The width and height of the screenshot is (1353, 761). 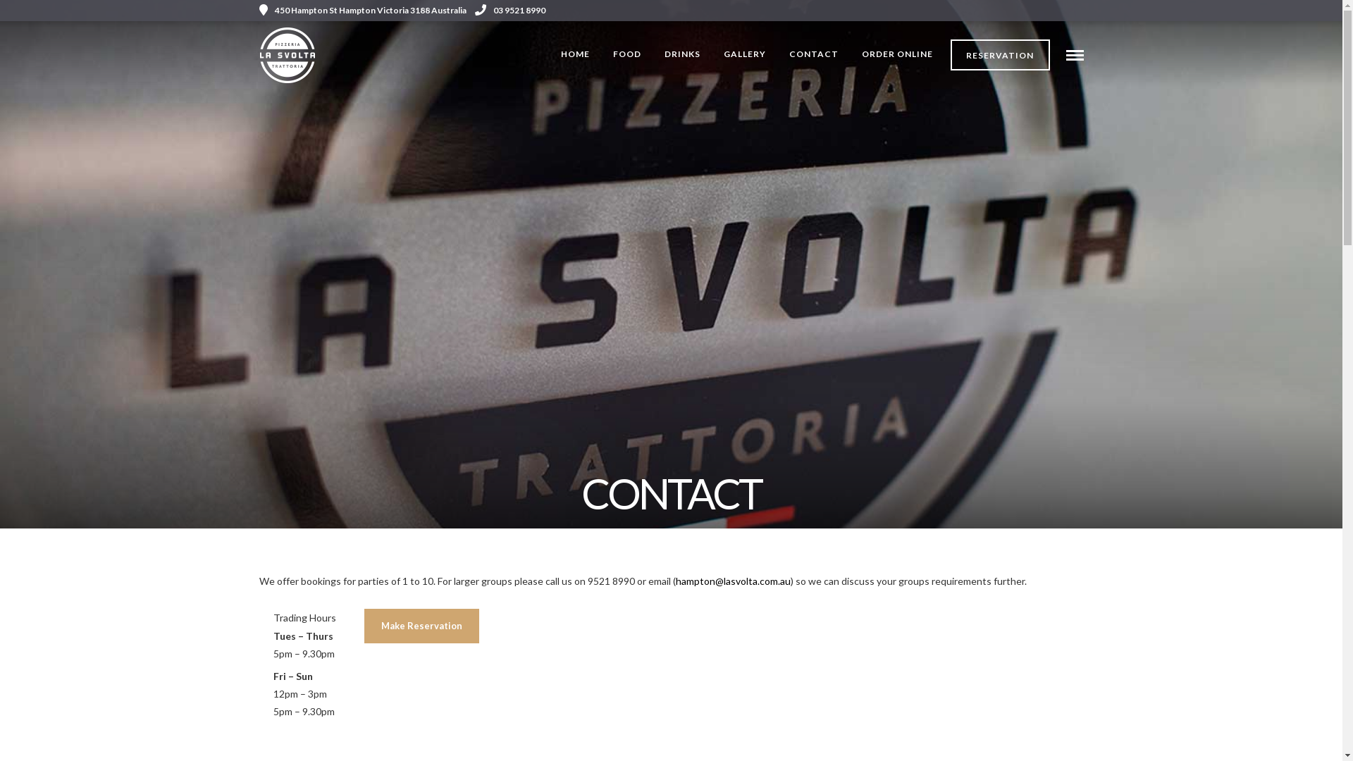 I want to click on 'FOOD', so click(x=626, y=54).